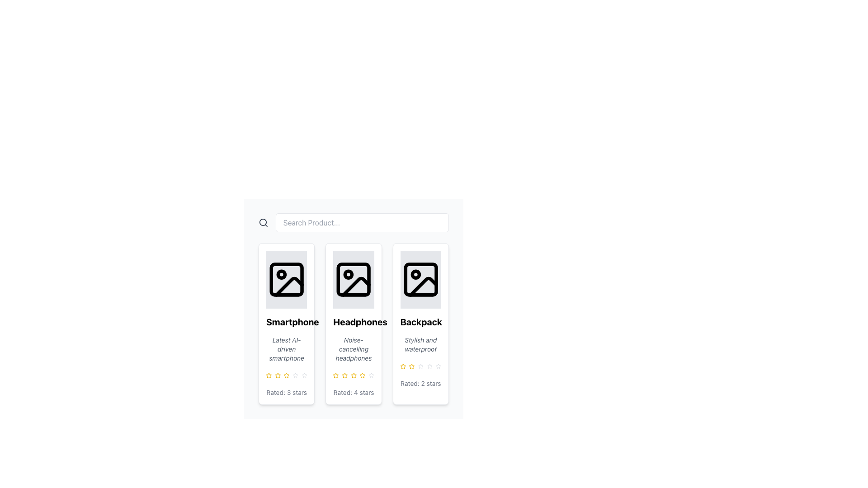  I want to click on the highlighted yellow star-shaped icon, which is the first in a cluster of rating stars under the 'Smartphone' product card, to adjust the rating, so click(268, 375).